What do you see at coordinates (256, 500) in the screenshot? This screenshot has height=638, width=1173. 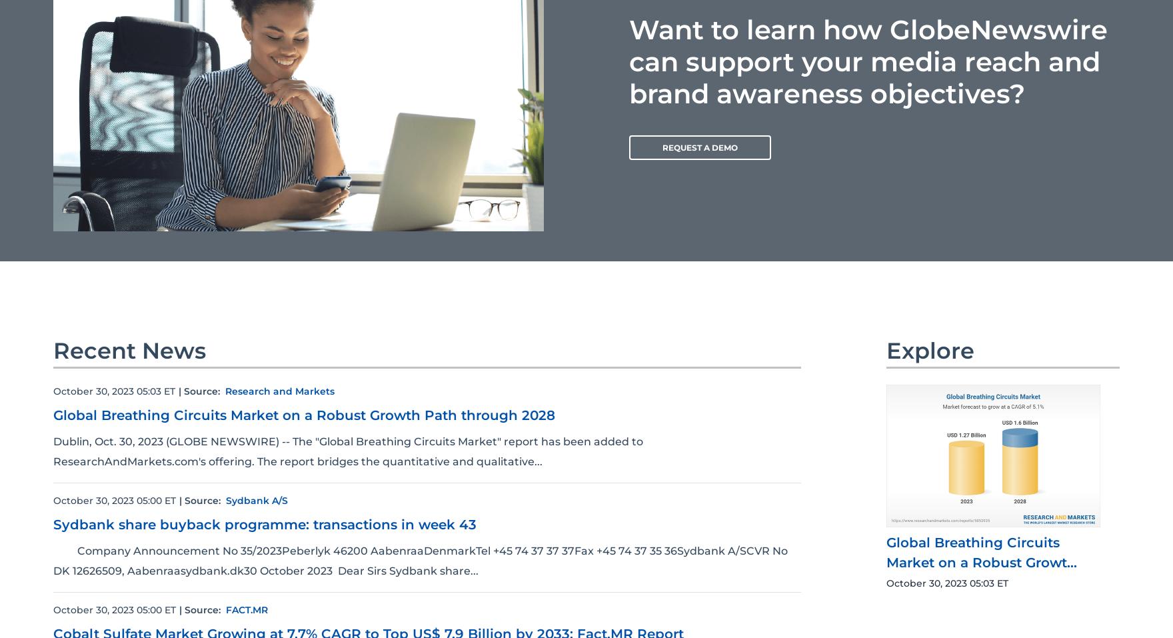 I see `'Sydbank A/S'` at bounding box center [256, 500].